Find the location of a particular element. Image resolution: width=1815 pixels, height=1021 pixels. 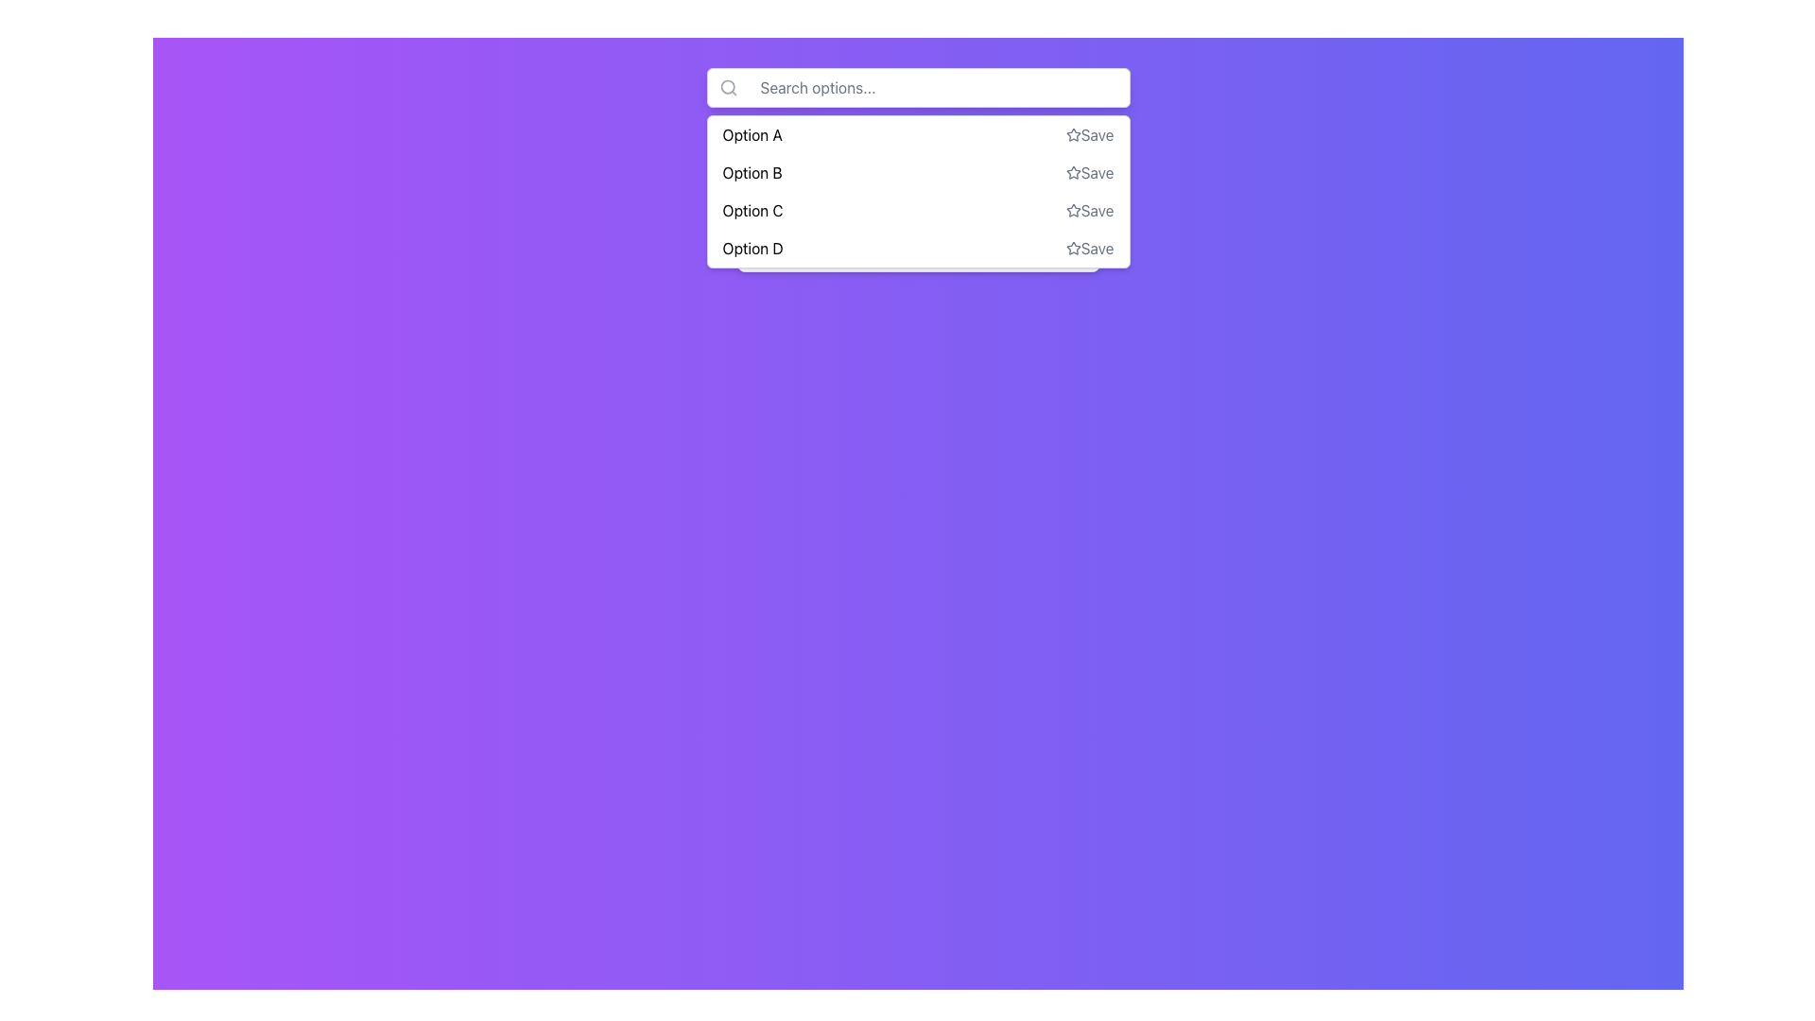

the search icon located at the far-left position of the horizontal search input bar to focus the adjacent search input field is located at coordinates (727, 87).